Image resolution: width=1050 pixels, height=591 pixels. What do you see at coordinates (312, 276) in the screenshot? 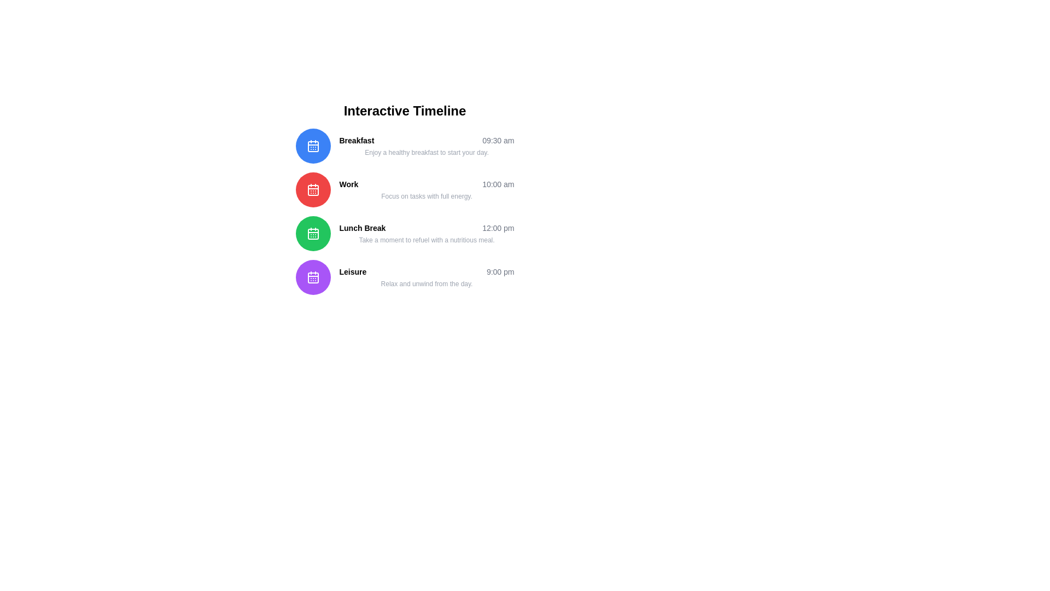
I see `the calendar icon with a purple background, which is the fourth item in a vertical list of icons representing the 'Leisure' event` at bounding box center [312, 276].